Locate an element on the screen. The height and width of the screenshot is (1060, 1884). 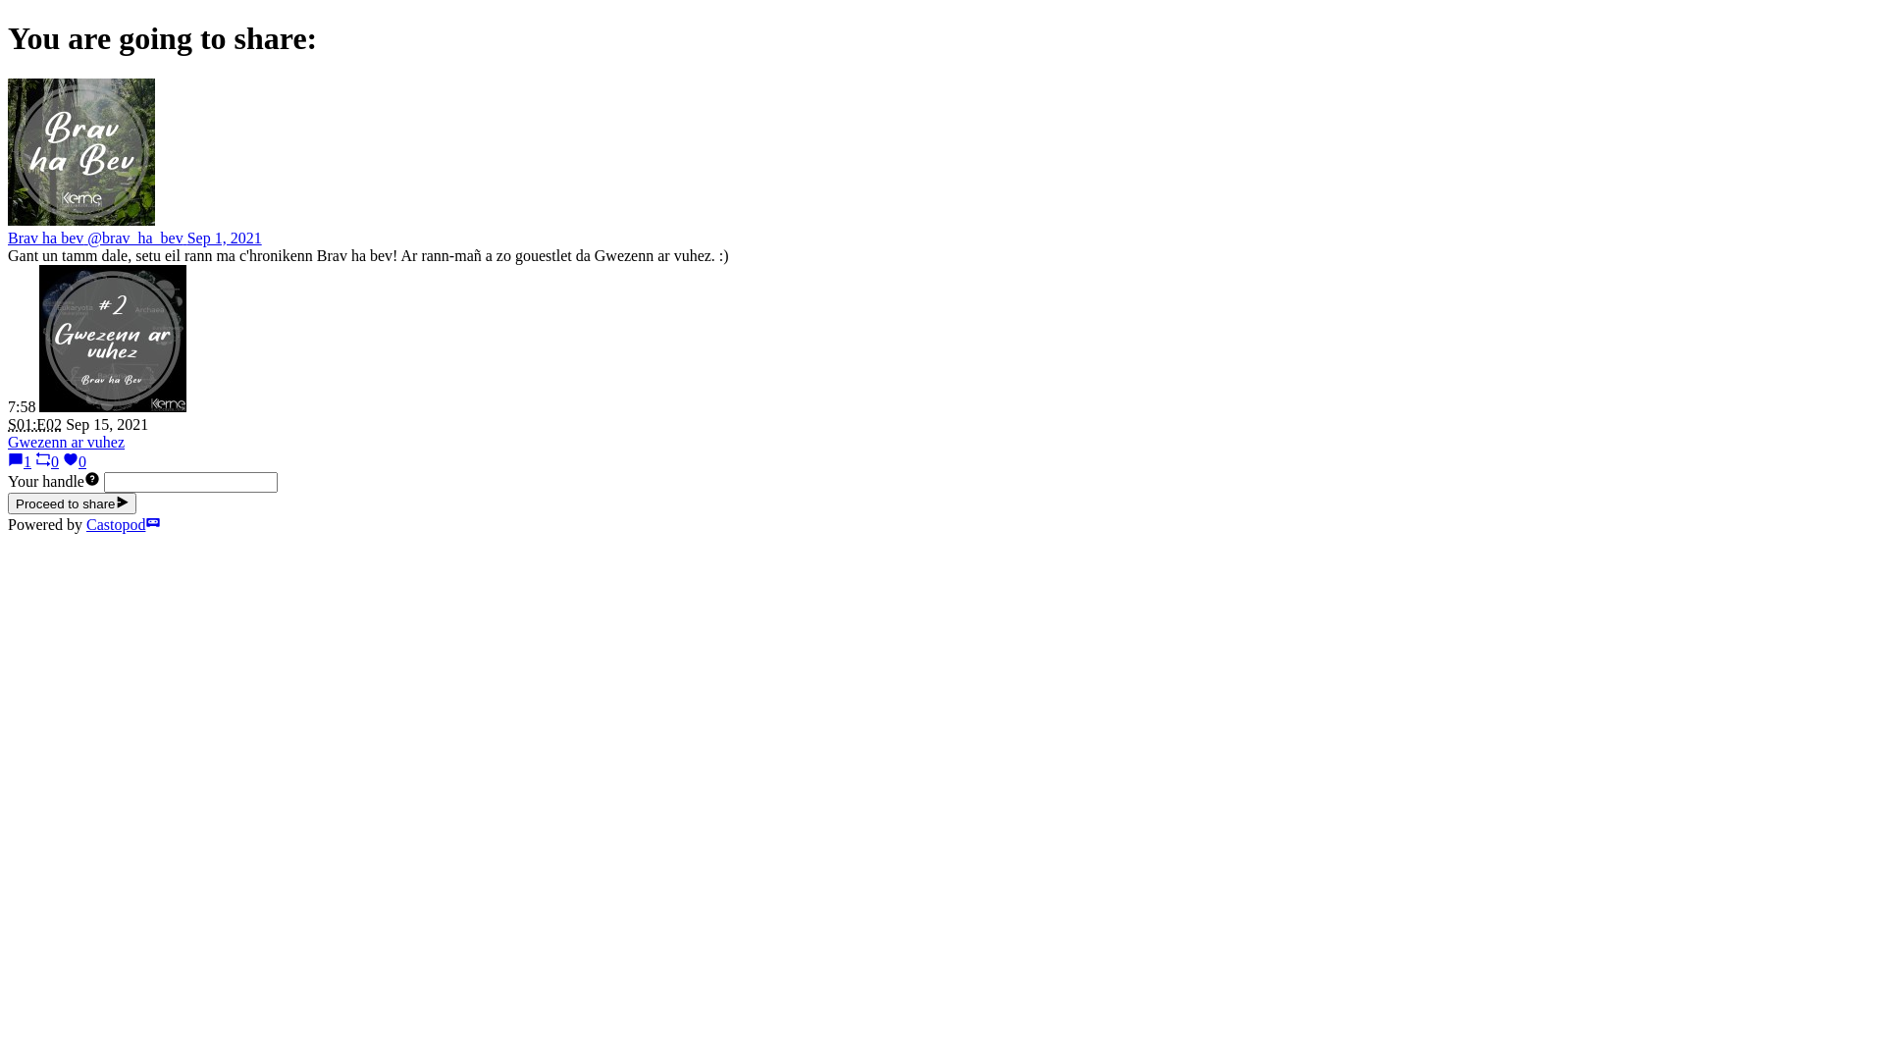
'Sep 1, 2021' is located at coordinates (225, 237).